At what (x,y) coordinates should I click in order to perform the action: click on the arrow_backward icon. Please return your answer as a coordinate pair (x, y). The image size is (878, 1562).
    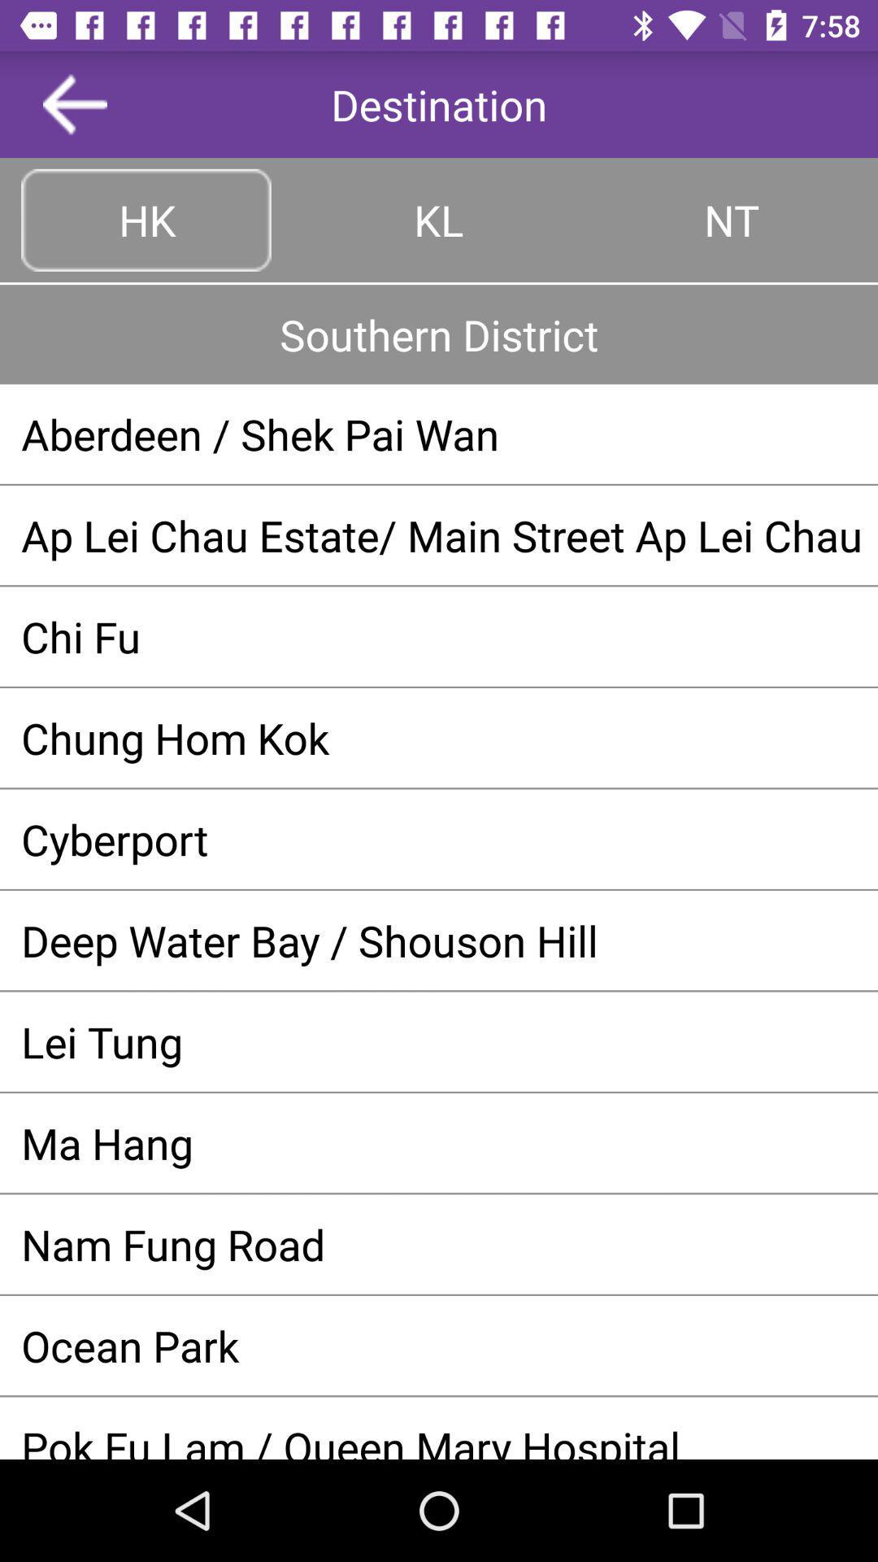
    Looking at the image, I should click on (75, 103).